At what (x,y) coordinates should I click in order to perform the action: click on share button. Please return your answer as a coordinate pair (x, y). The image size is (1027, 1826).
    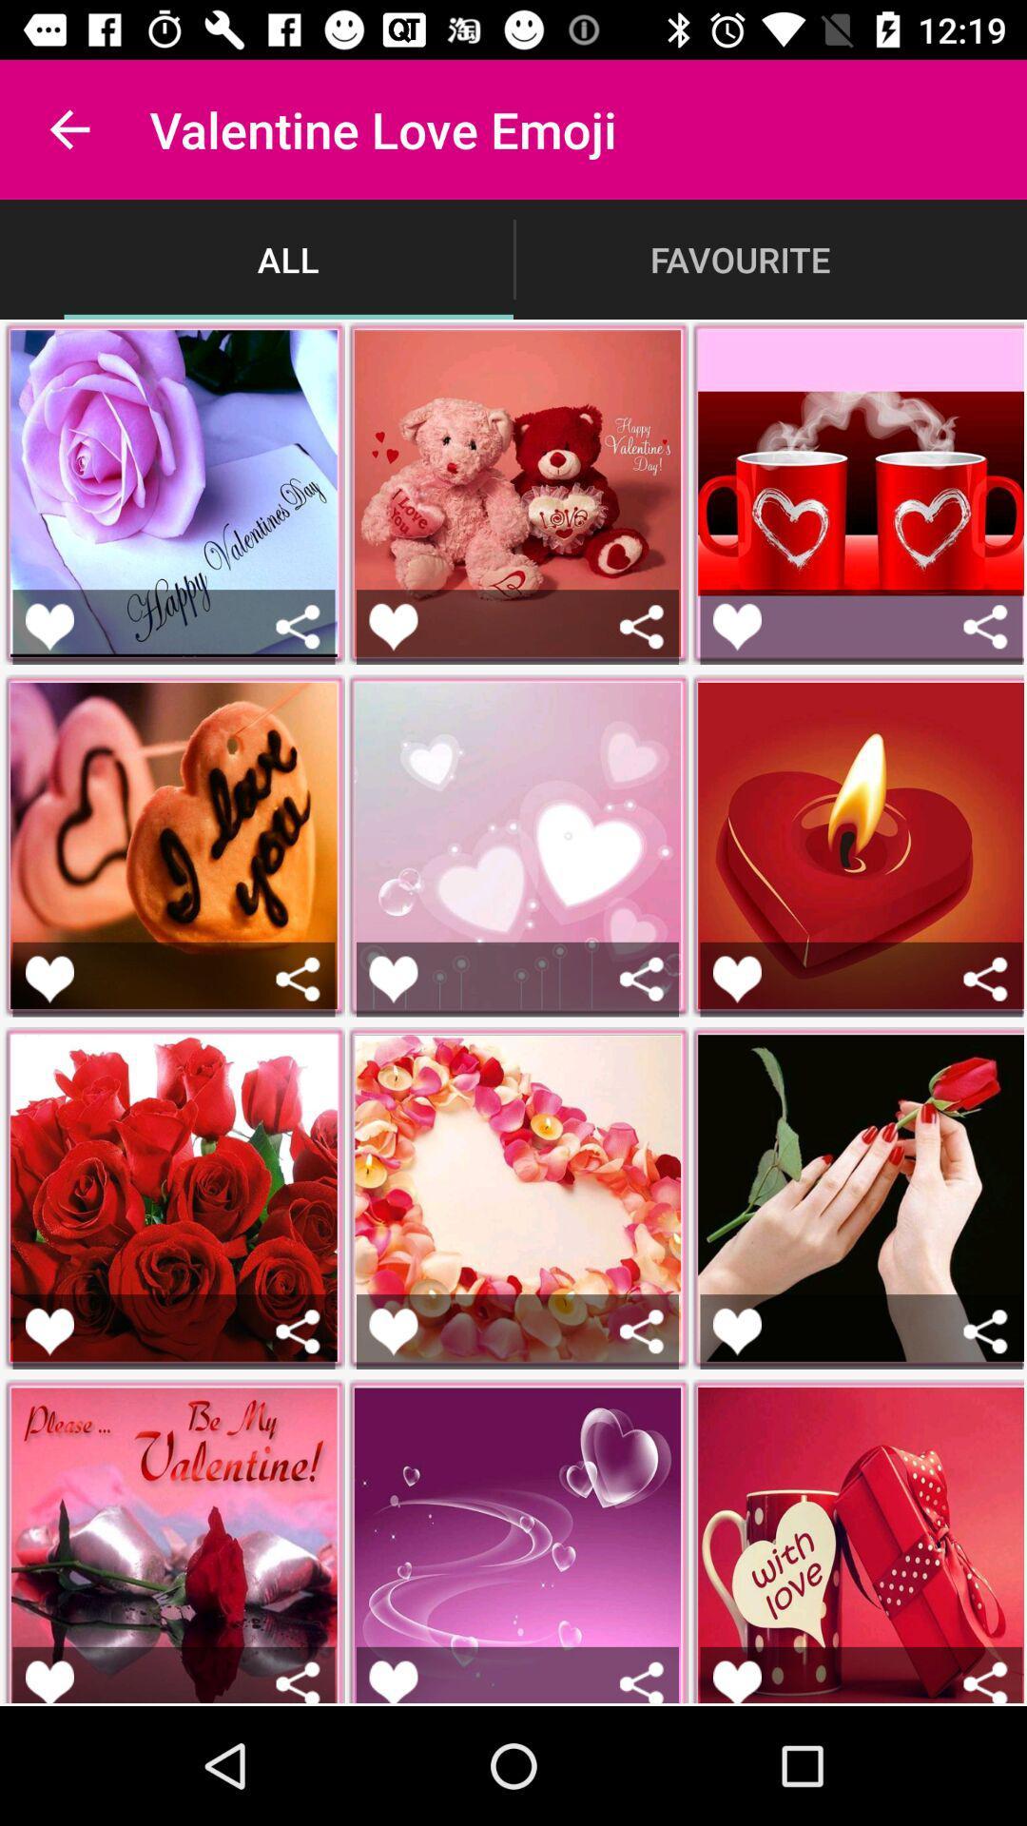
    Looking at the image, I should click on (642, 627).